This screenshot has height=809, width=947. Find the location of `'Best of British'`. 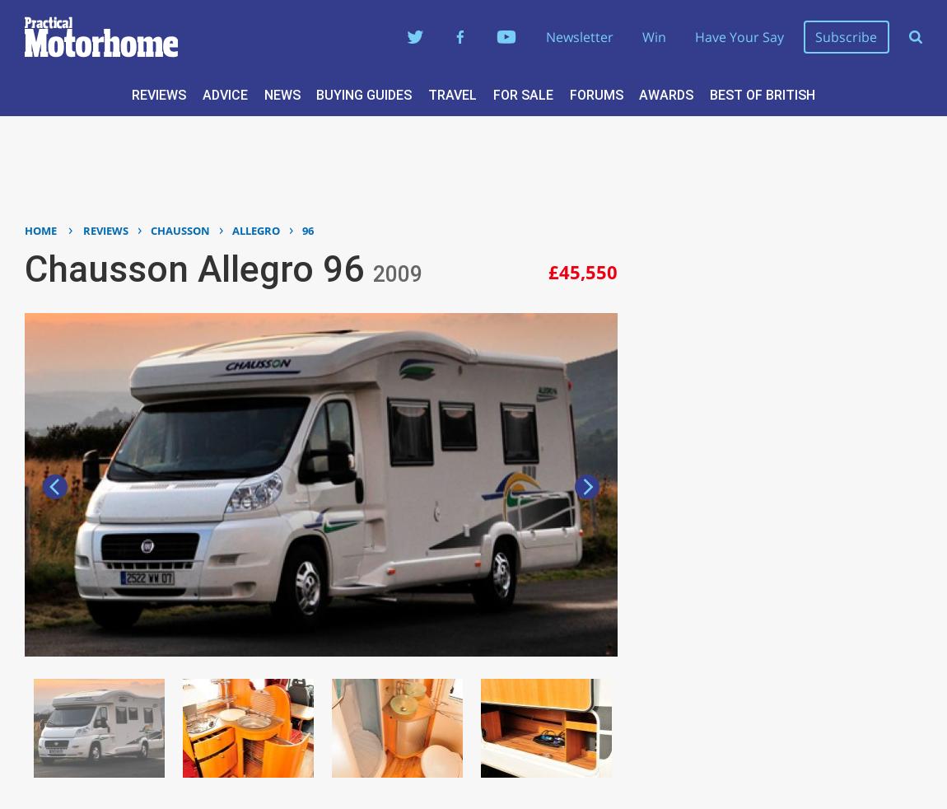

'Best of British' is located at coordinates (762, 93).